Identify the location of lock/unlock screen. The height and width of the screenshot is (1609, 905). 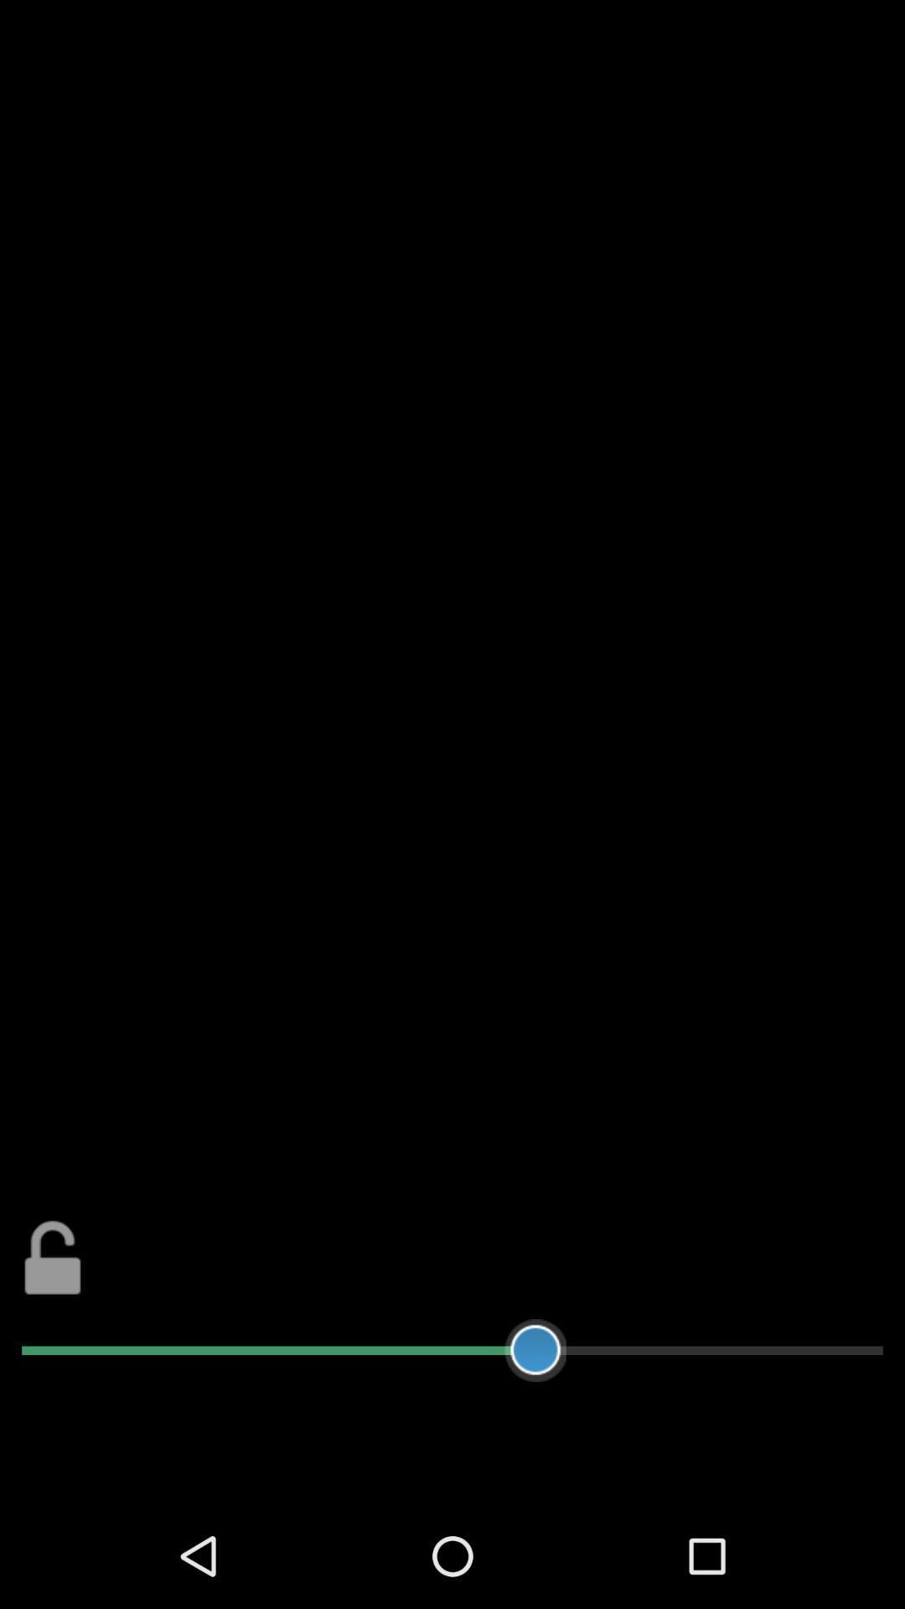
(52, 1257).